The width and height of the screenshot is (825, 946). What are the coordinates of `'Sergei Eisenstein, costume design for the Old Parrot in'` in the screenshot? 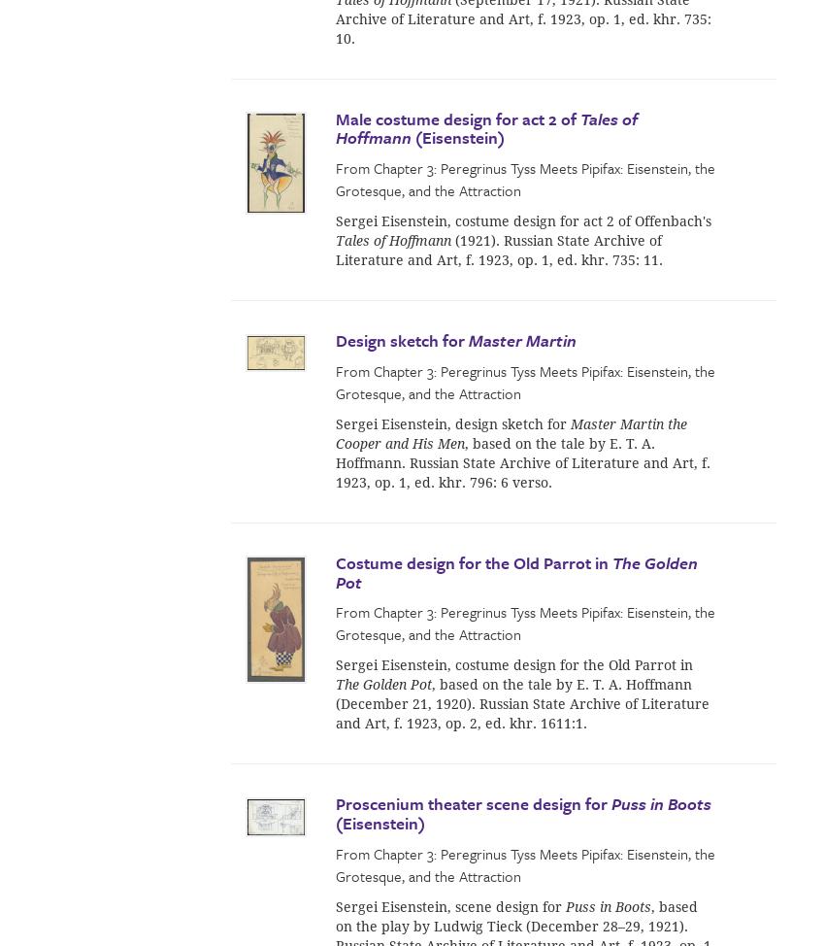 It's located at (335, 665).